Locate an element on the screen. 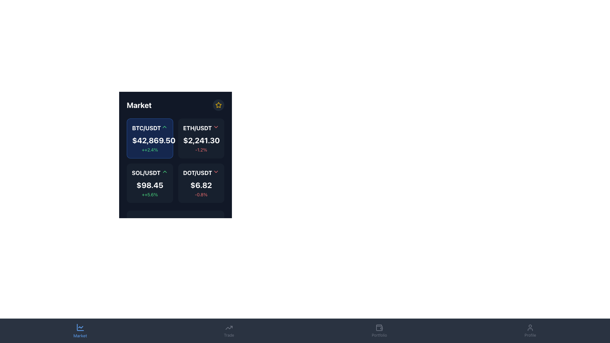 The height and width of the screenshot is (343, 610). the 'ETH/USDT' dropdown label is located at coordinates (201, 128).